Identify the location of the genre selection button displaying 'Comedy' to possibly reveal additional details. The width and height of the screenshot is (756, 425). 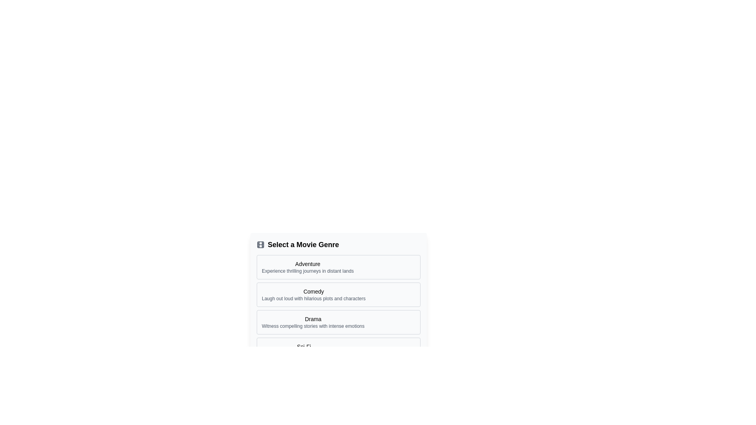
(313, 294).